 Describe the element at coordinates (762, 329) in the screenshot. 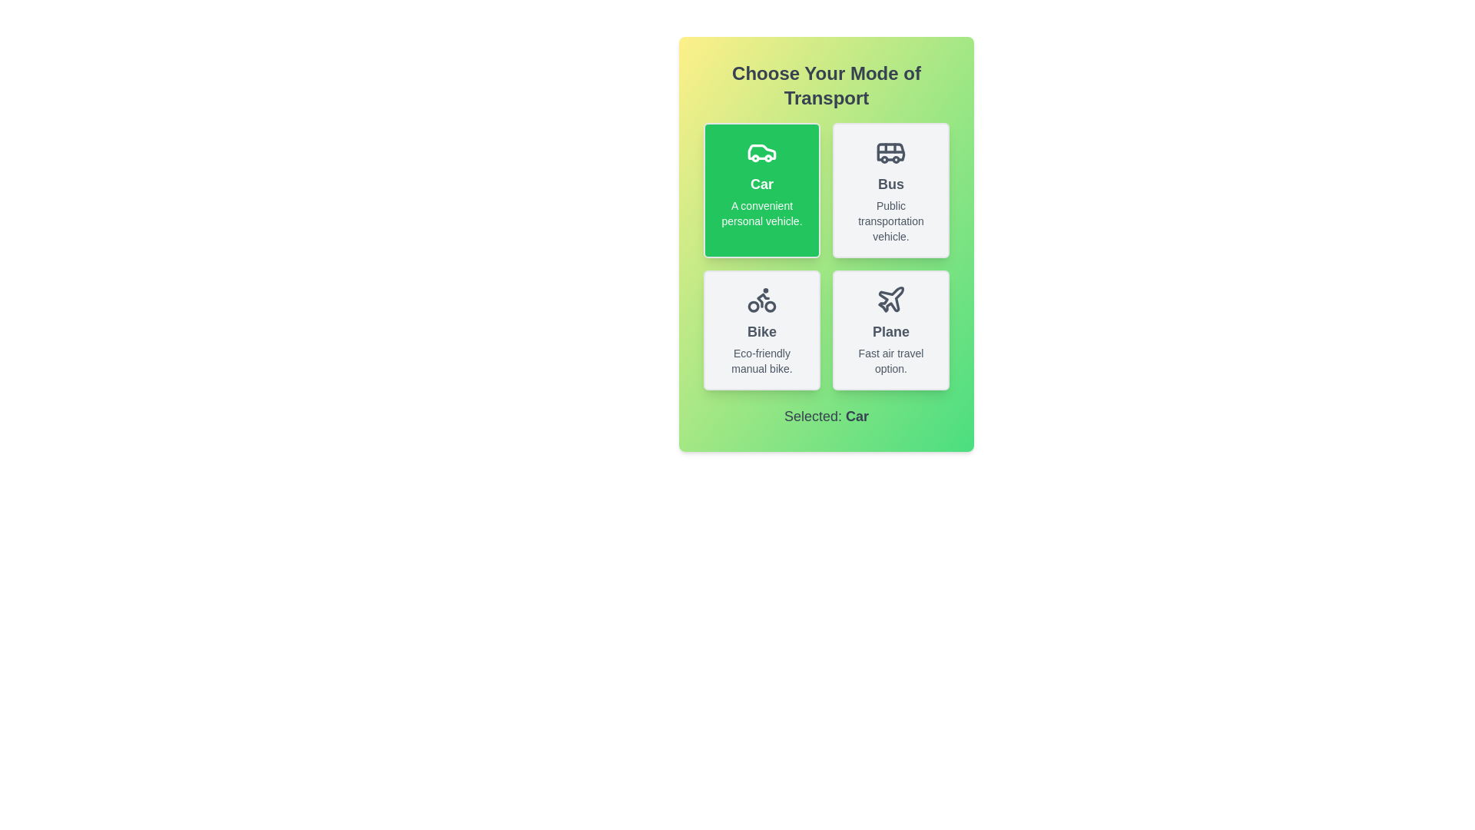

I see `the button for Bike to view its hover effect` at that location.